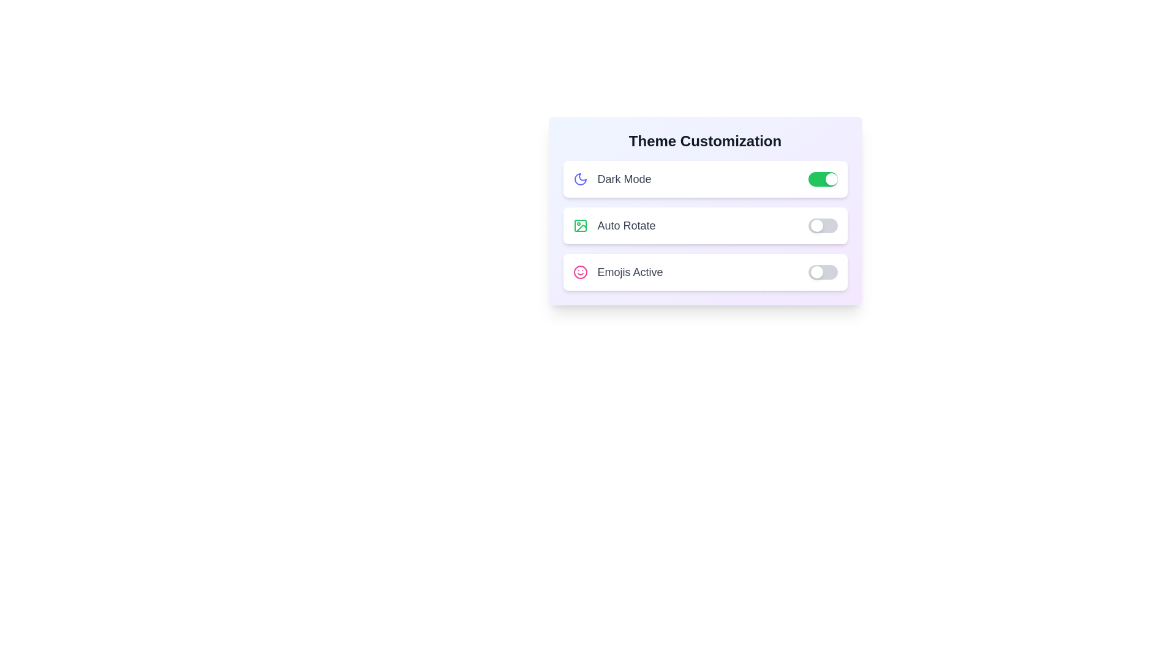 Image resolution: width=1176 pixels, height=661 pixels. Describe the element at coordinates (579, 271) in the screenshot. I see `the pink smiley face icon located to the left of the 'Emojis Active' label in the 'Theme Customization' panel` at that location.